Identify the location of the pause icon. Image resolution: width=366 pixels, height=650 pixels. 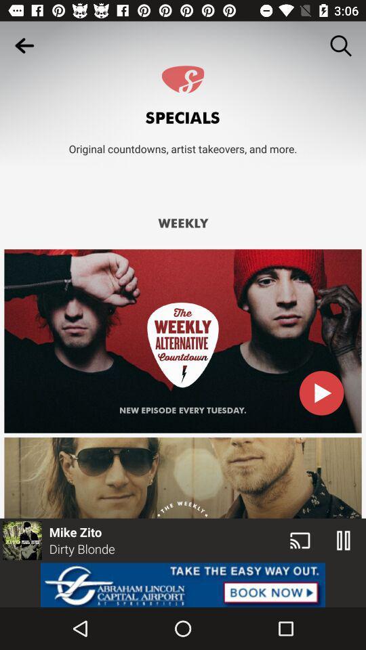
(344, 540).